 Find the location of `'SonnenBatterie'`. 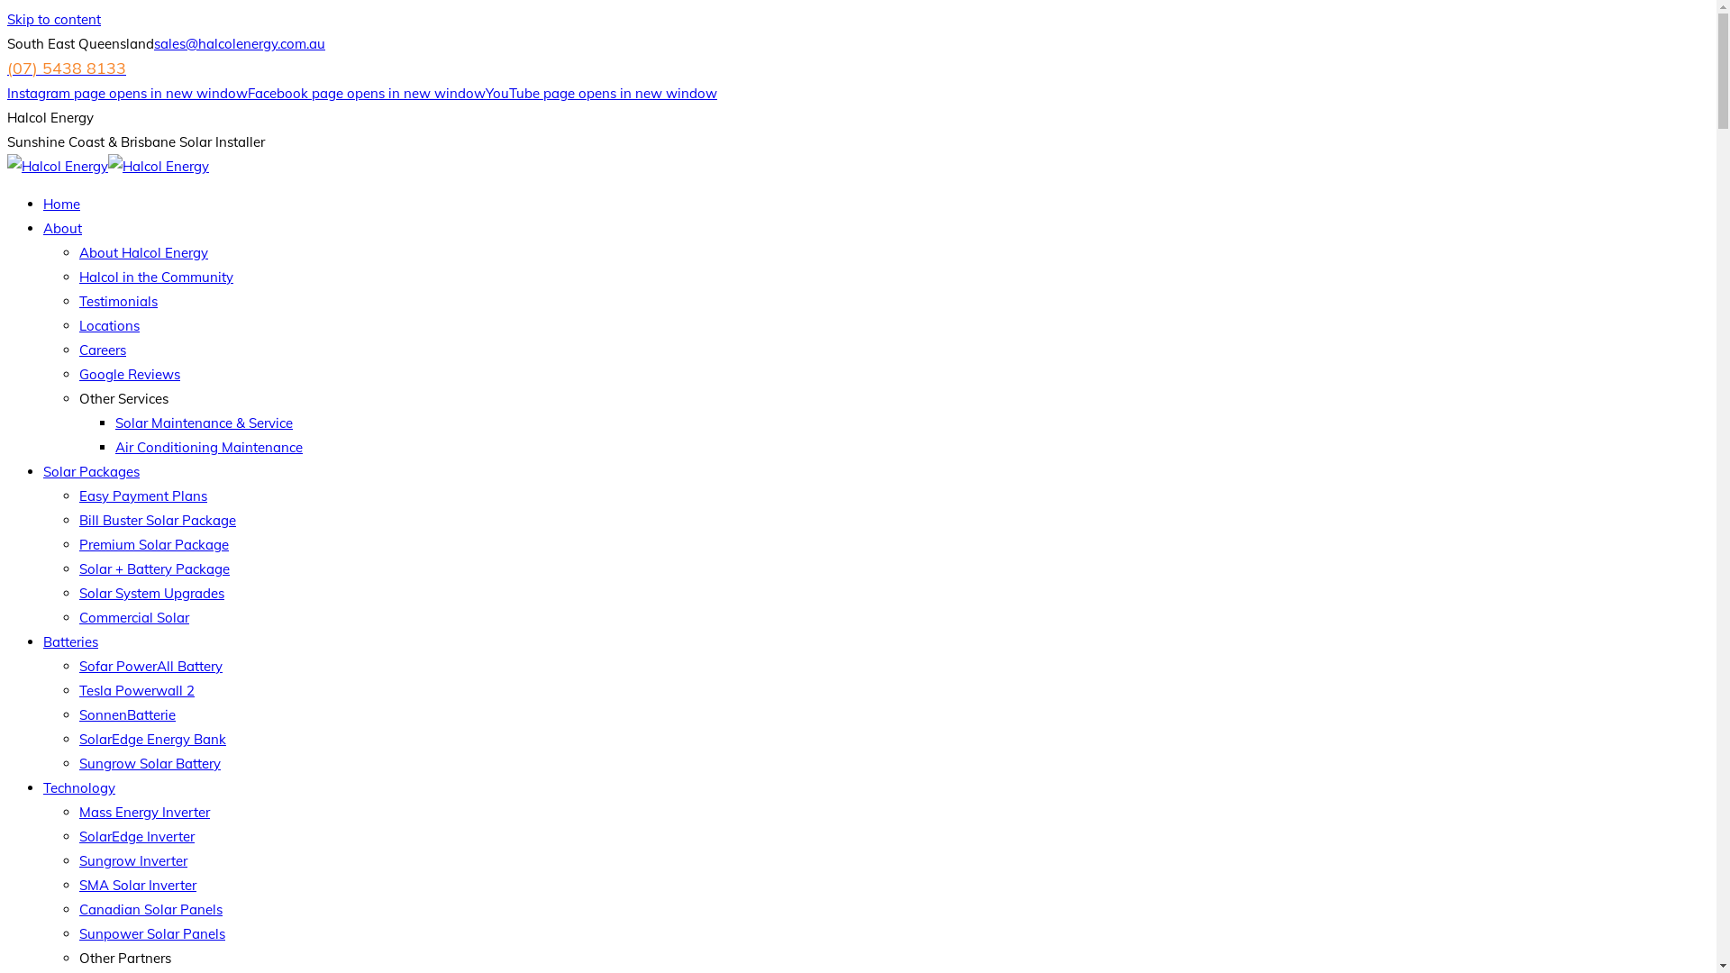

'SonnenBatterie' is located at coordinates (77, 714).